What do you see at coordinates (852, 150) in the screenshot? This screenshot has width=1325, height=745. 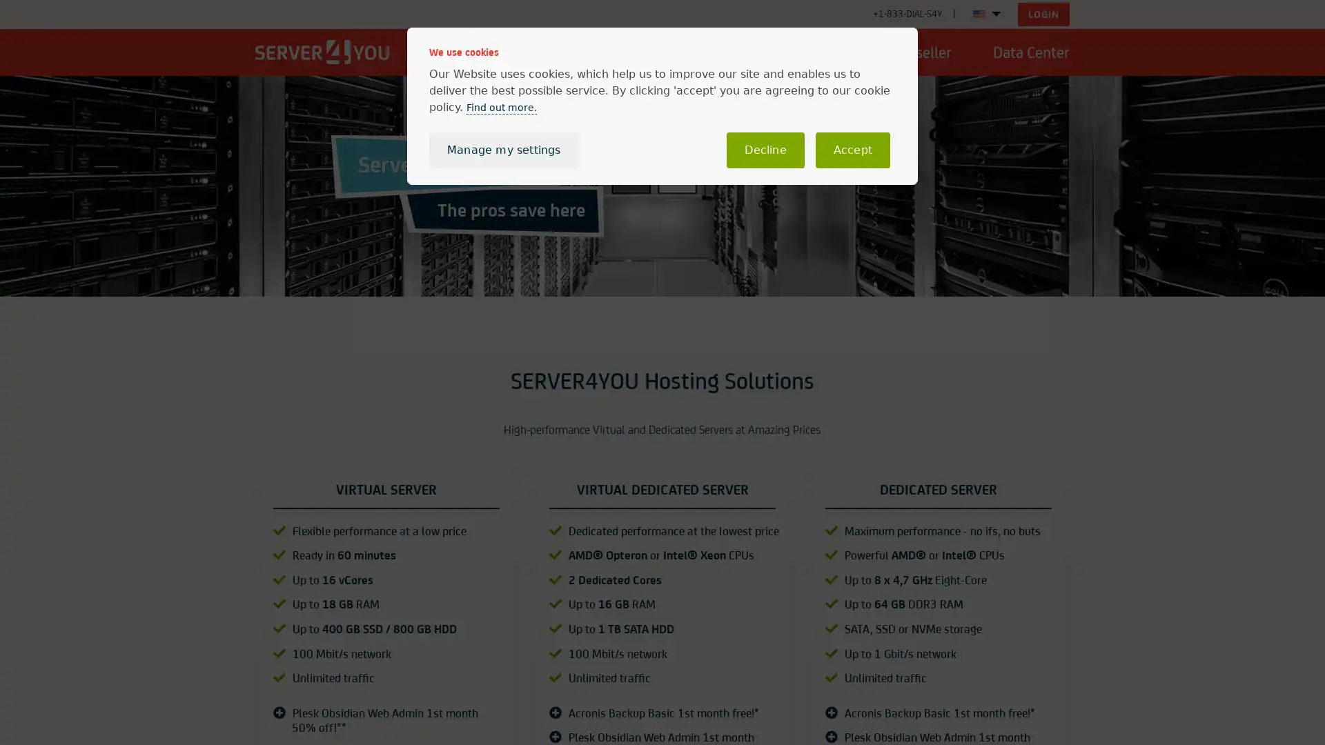 I see `Accept` at bounding box center [852, 150].